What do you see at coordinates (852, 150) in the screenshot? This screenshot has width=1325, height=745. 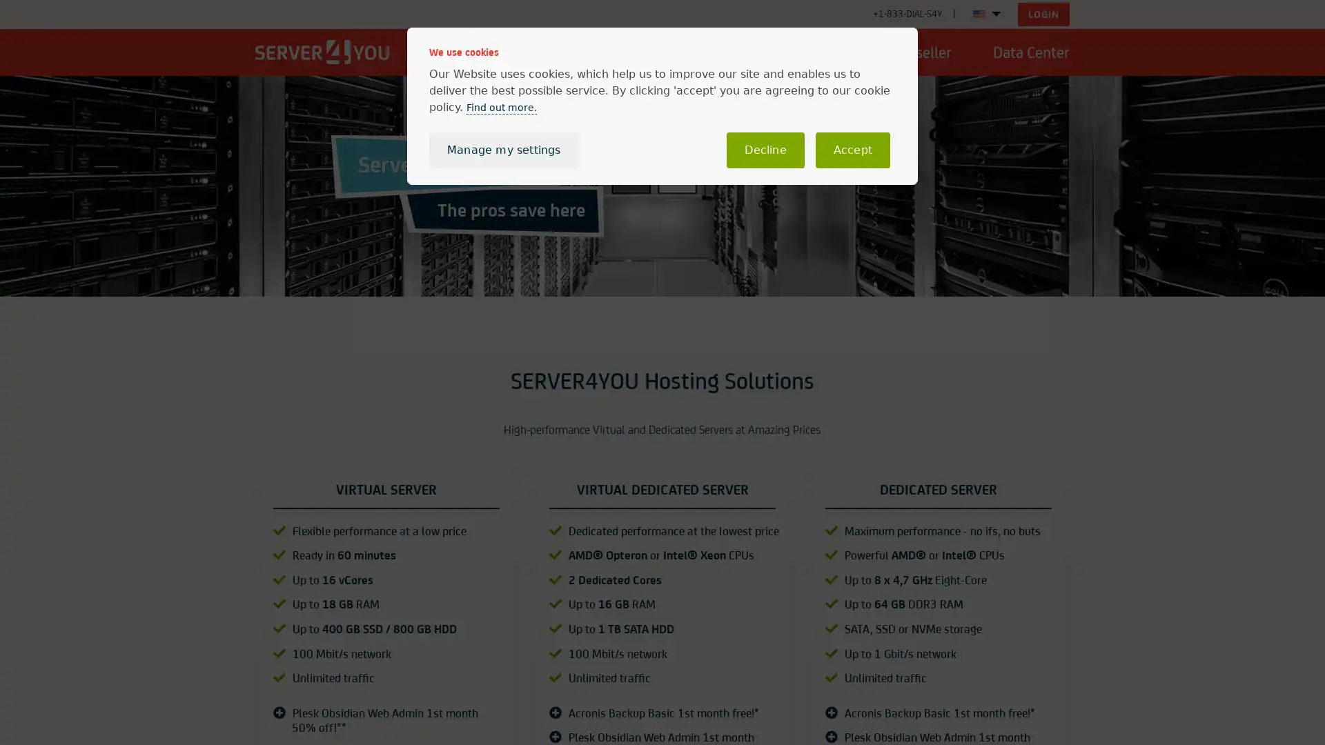 I see `Accept` at bounding box center [852, 150].